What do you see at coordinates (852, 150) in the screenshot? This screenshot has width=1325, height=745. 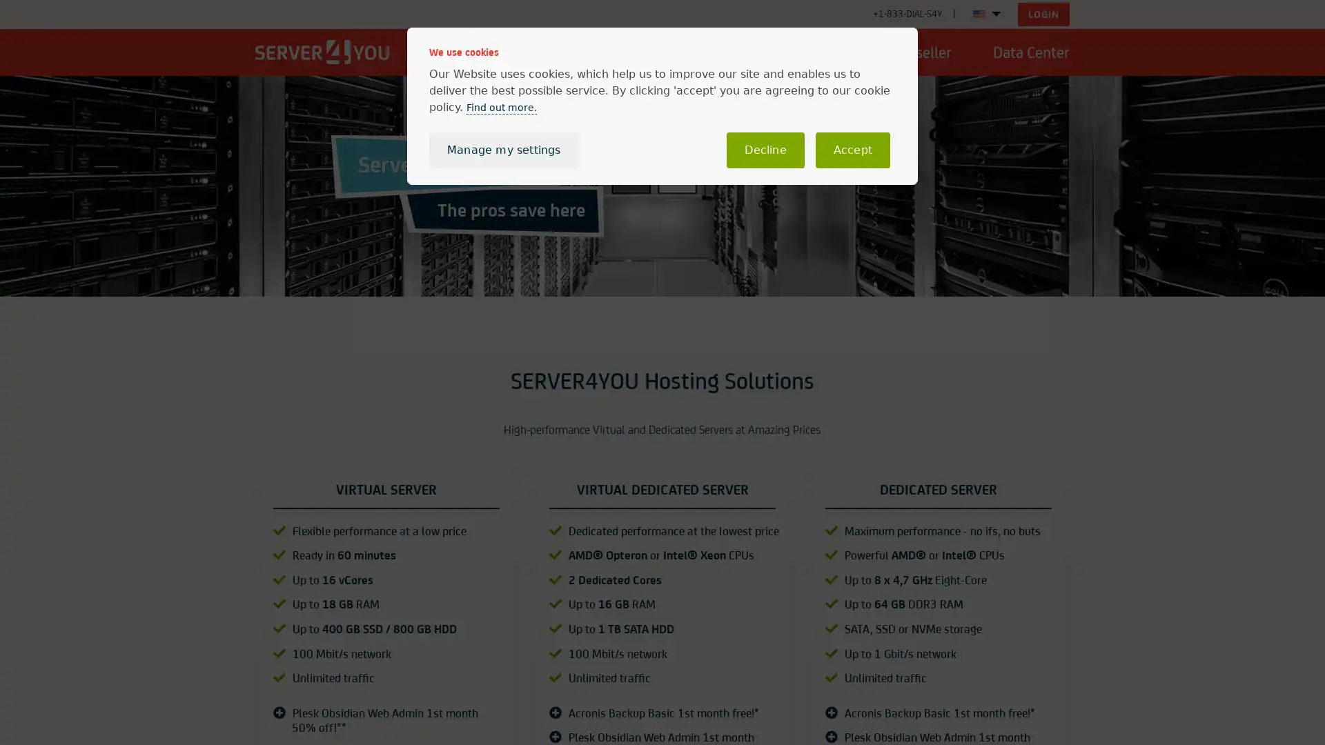 I see `Accept` at bounding box center [852, 150].